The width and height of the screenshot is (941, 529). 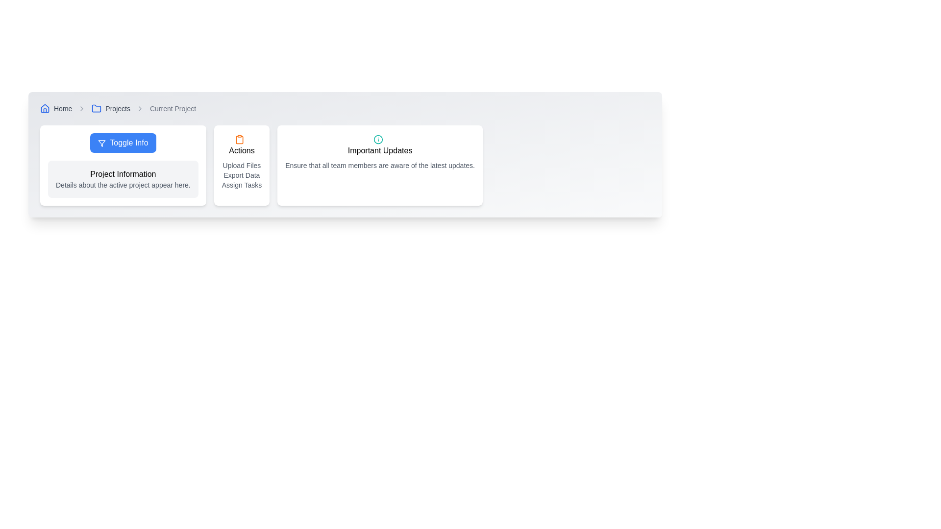 I want to click on the 'Projects' folder icon located in the breadcrumb navigation bar, so click(x=97, y=109).